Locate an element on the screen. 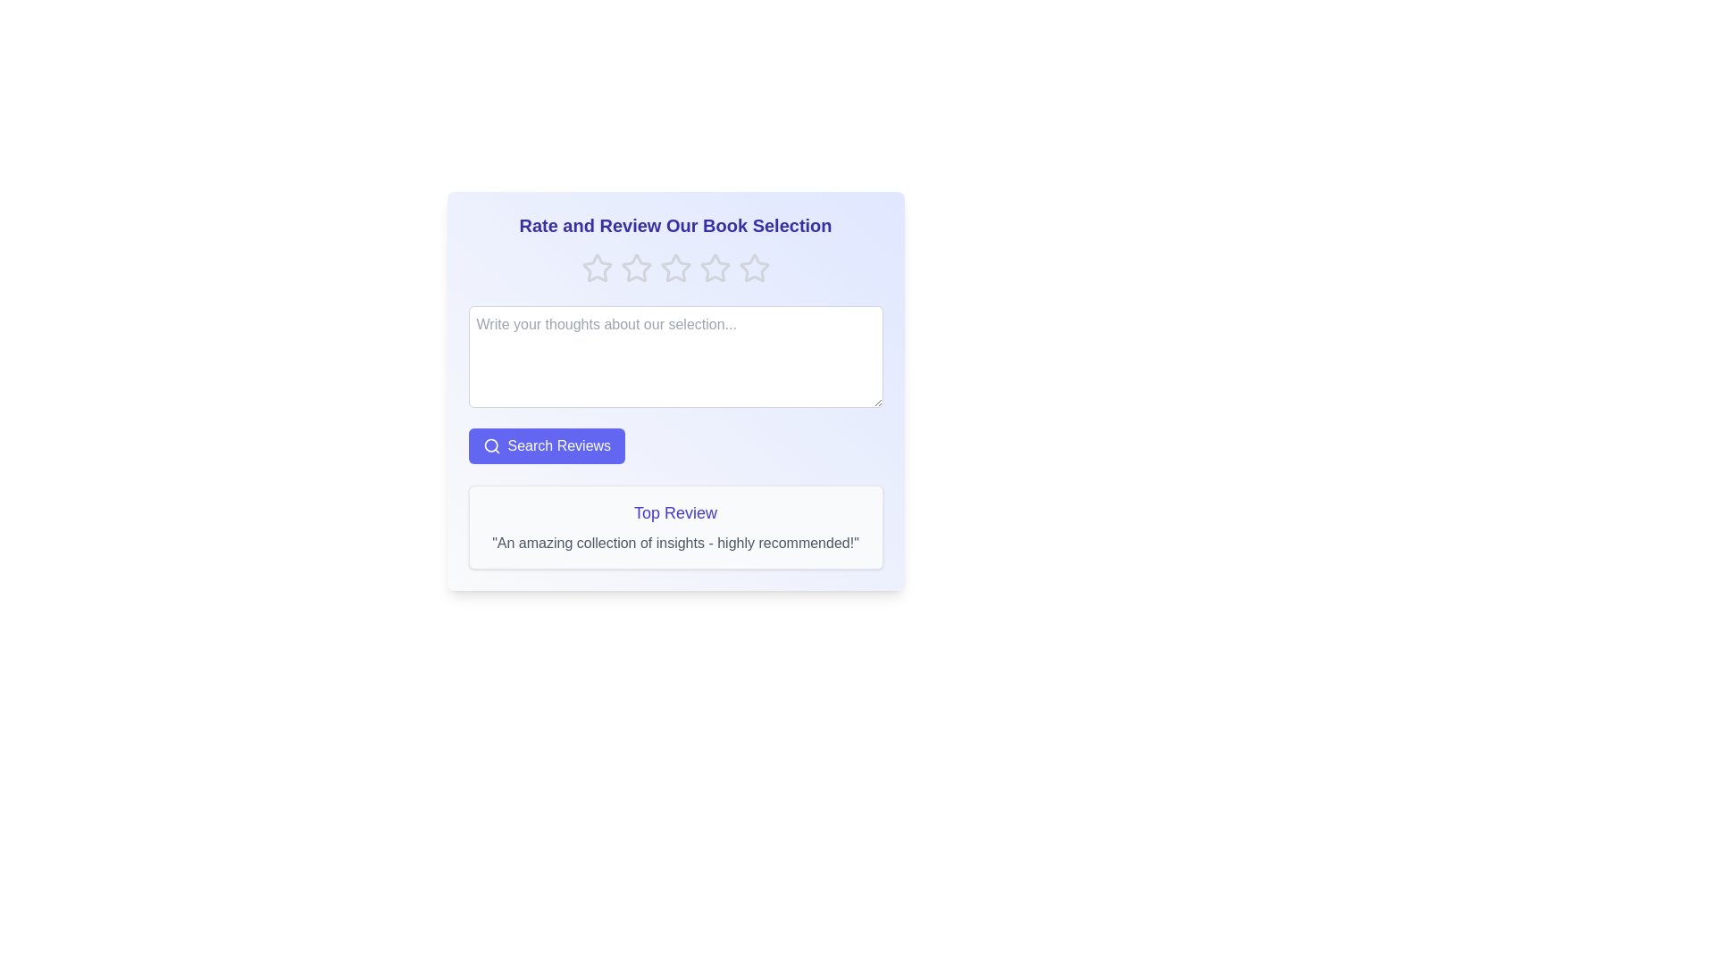 The image size is (1715, 964). the star corresponding to 2 to preview the rating is located at coordinates (636, 268).